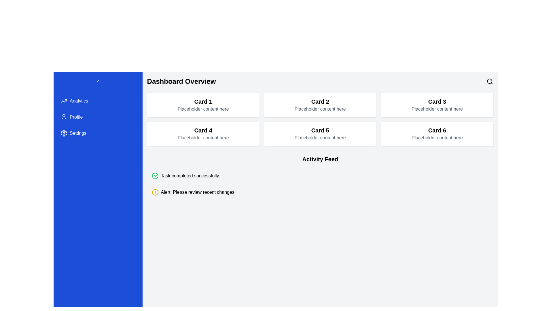  I want to click on the rectangular card labeled 'Card 4' with a white background and rounded corners, located in the second row of the grid under 'Dashboard Overview', so click(203, 134).